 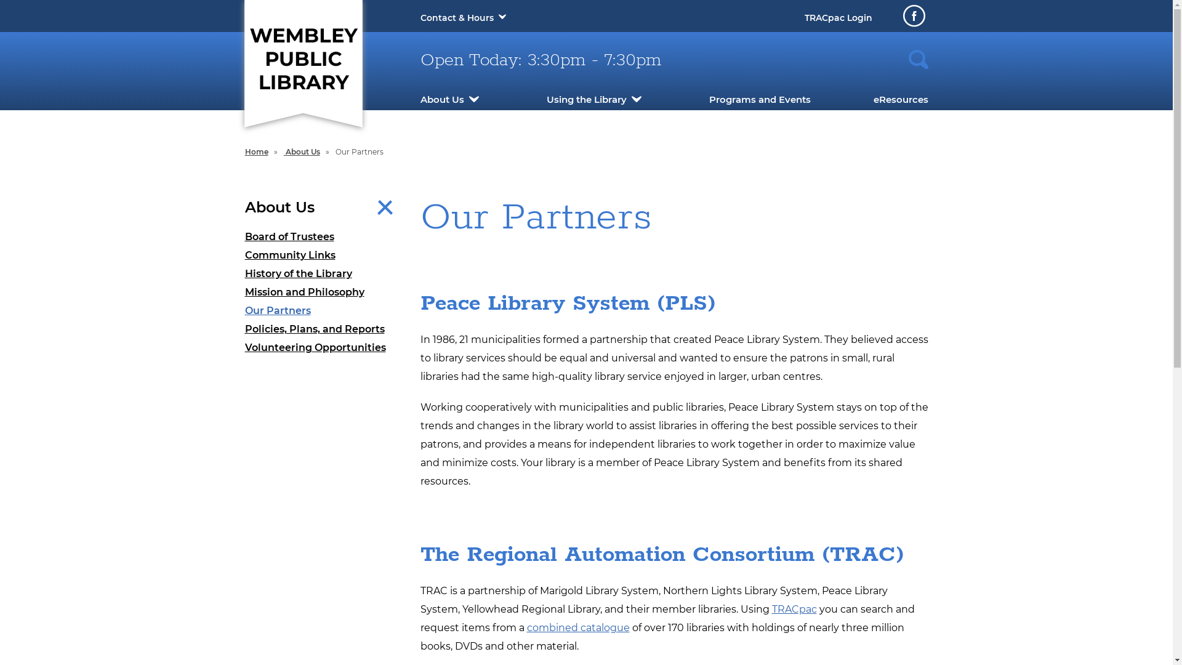 What do you see at coordinates (900, 99) in the screenshot?
I see `'eResources'` at bounding box center [900, 99].